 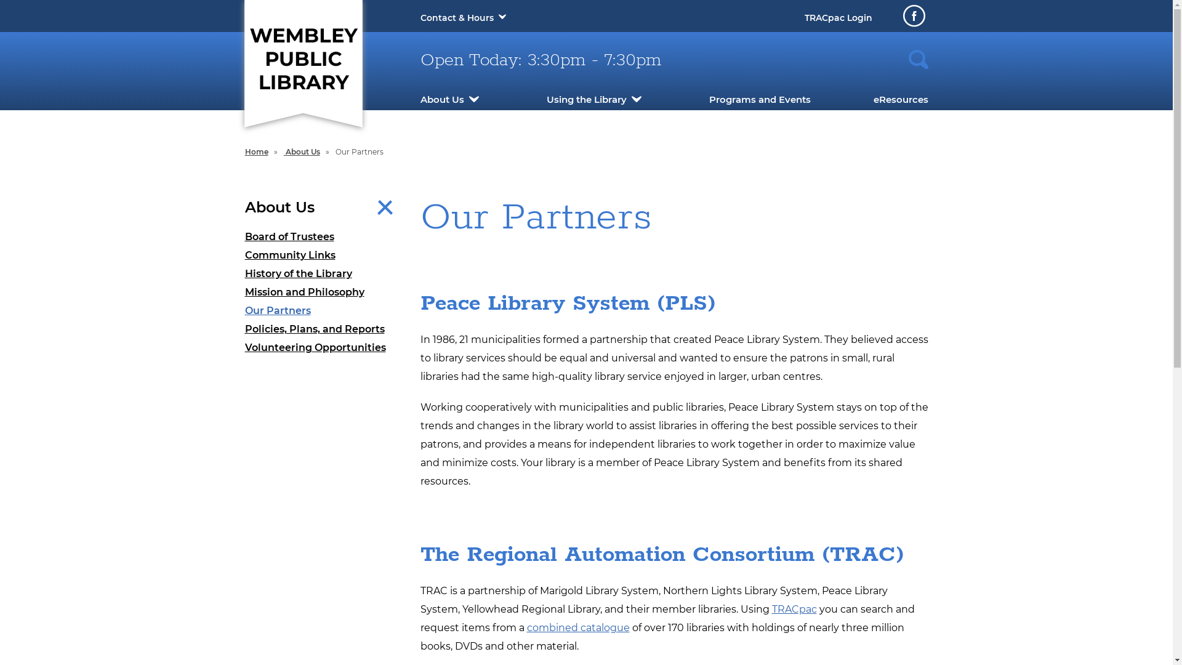 What do you see at coordinates (900, 99) in the screenshot?
I see `'eResources'` at bounding box center [900, 99].